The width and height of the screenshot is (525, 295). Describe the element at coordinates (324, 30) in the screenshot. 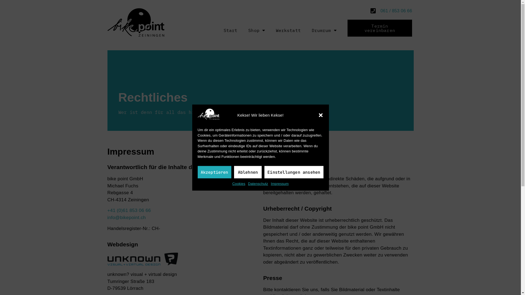

I see `'Drumrum'` at that location.